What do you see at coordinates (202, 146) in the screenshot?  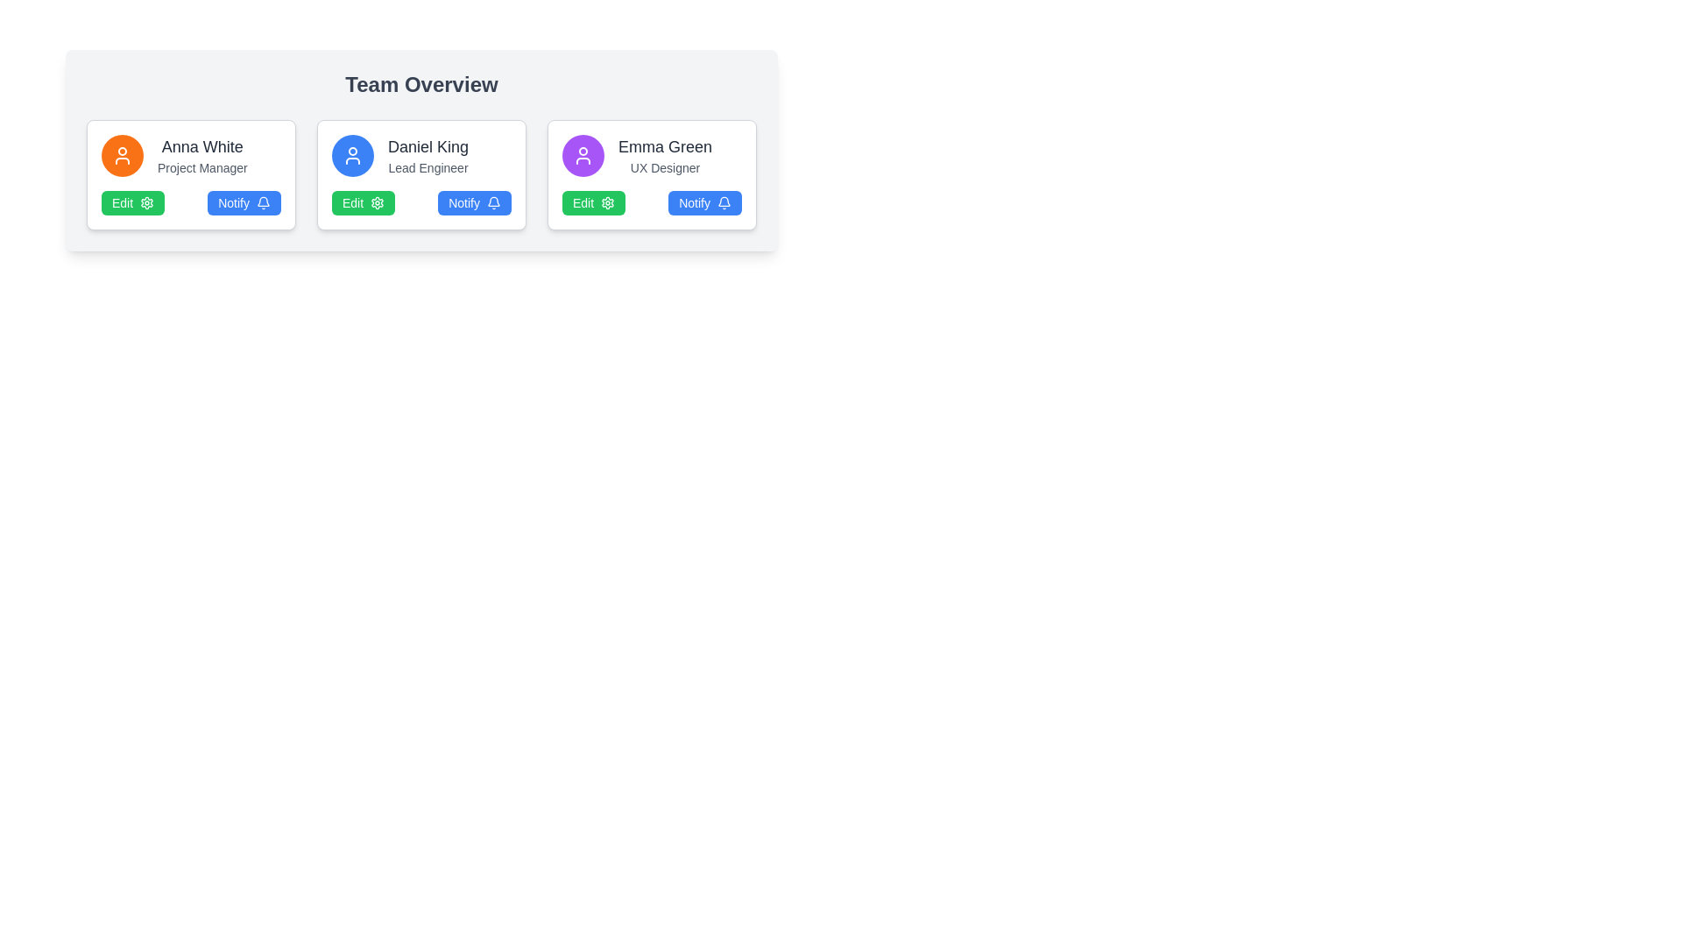 I see `the text label displaying 'Anna White', which is in bold and dark gray, located within a card below an orange person silhouette icon` at bounding box center [202, 146].